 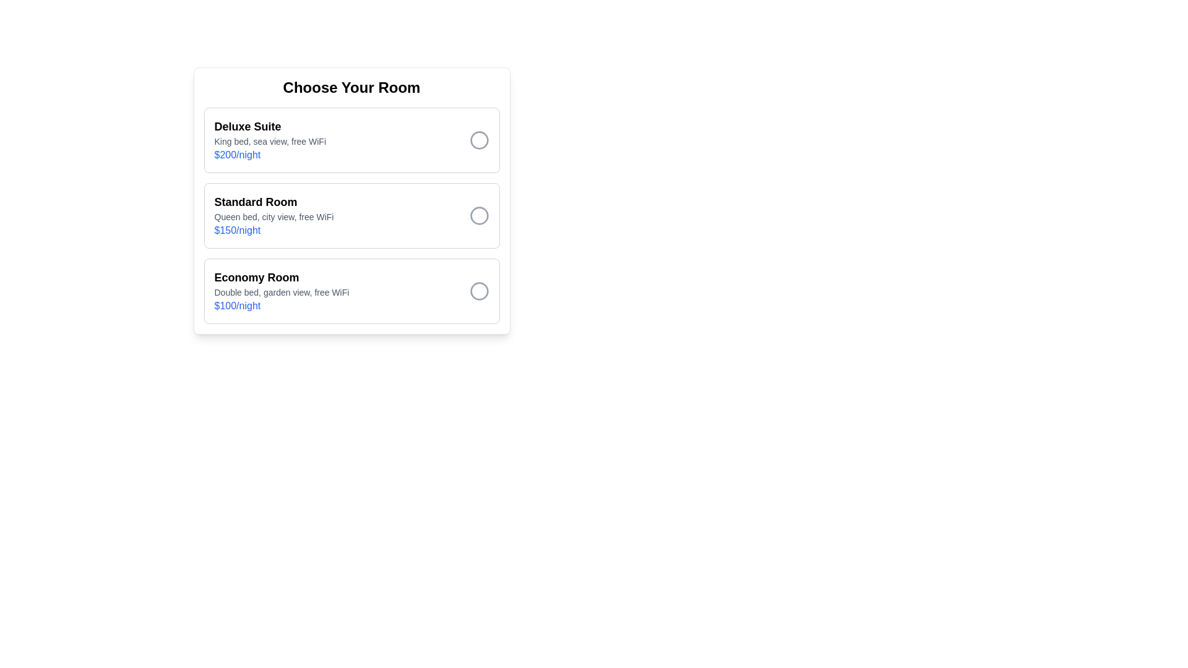 What do you see at coordinates (478, 291) in the screenshot?
I see `the deselected radio button styled in light gray within the Economy Room option to trigger a potential highlighting effect` at bounding box center [478, 291].